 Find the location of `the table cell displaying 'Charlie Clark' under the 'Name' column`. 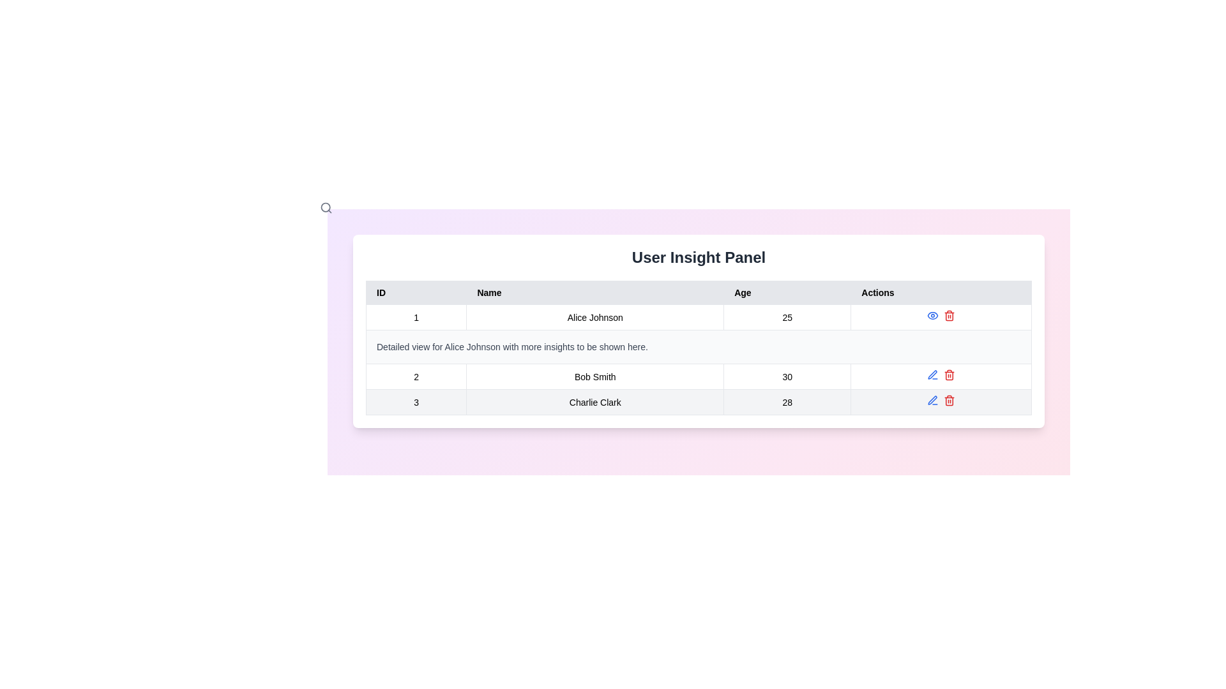

the table cell displaying 'Charlie Clark' under the 'Name' column is located at coordinates (594, 401).